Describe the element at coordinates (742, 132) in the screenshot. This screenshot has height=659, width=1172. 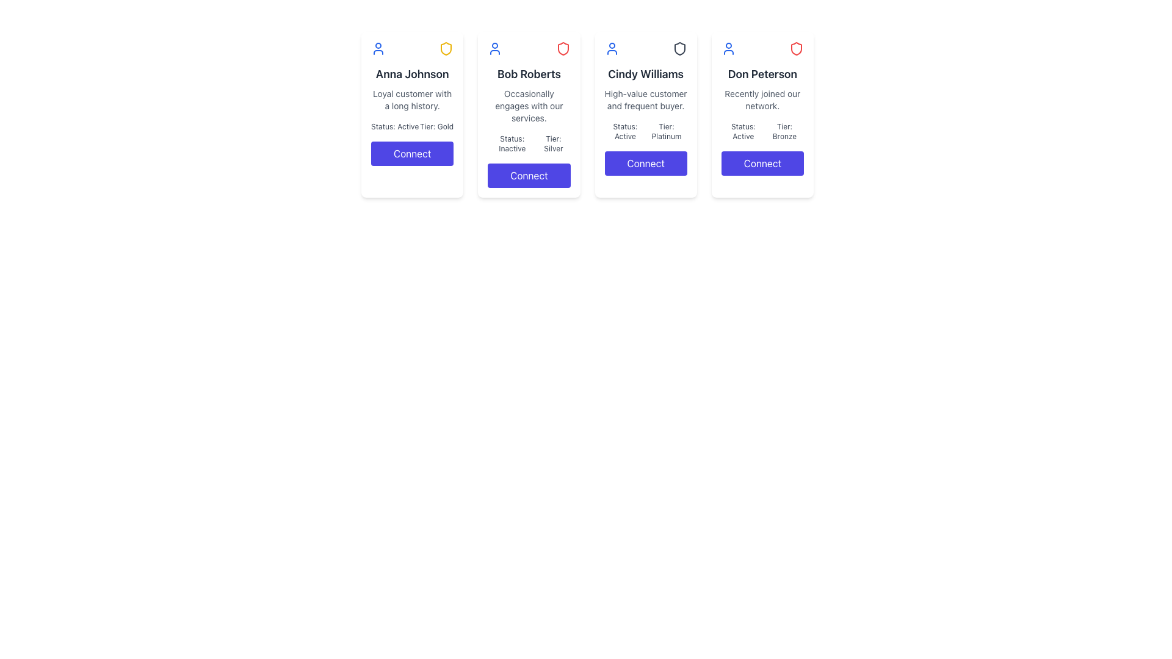
I see `the static text label displaying 'Status: Active' in dark gray font, which is located in the last card of the user profile cards, positioned below the main descriptive text` at that location.